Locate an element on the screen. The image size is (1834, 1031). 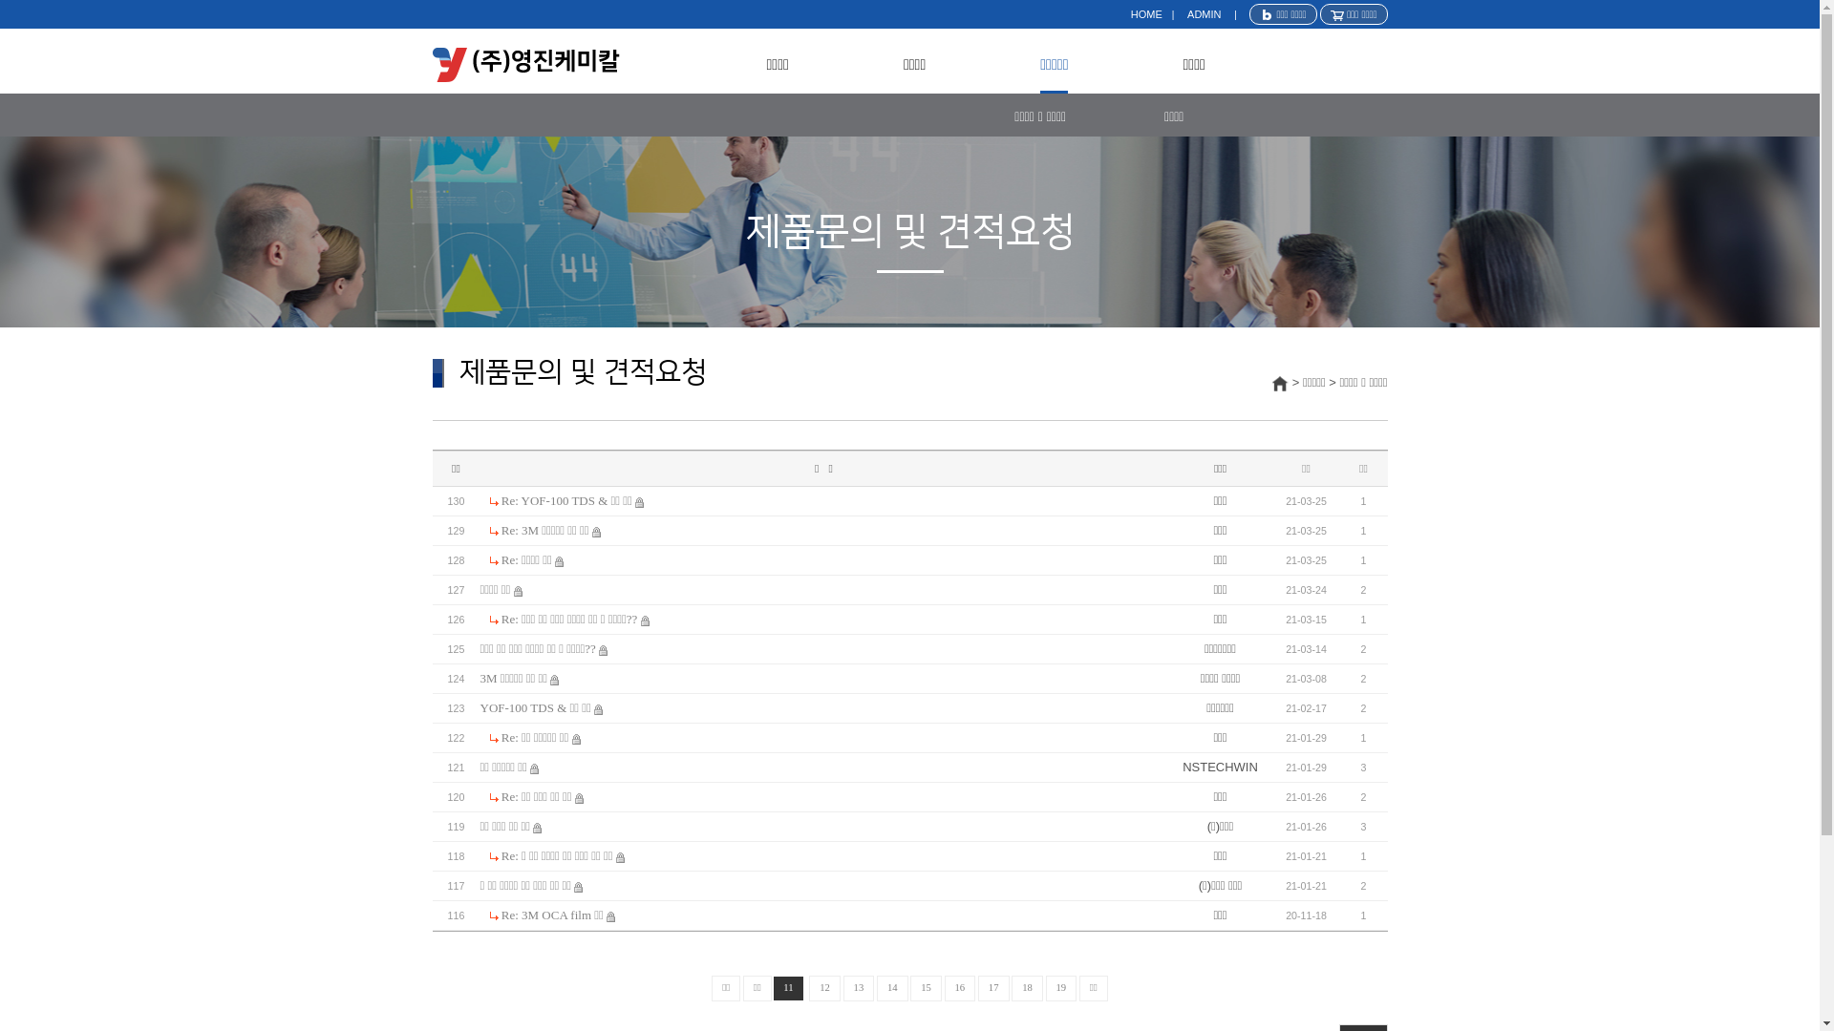
'HOME' is located at coordinates (1146, 14).